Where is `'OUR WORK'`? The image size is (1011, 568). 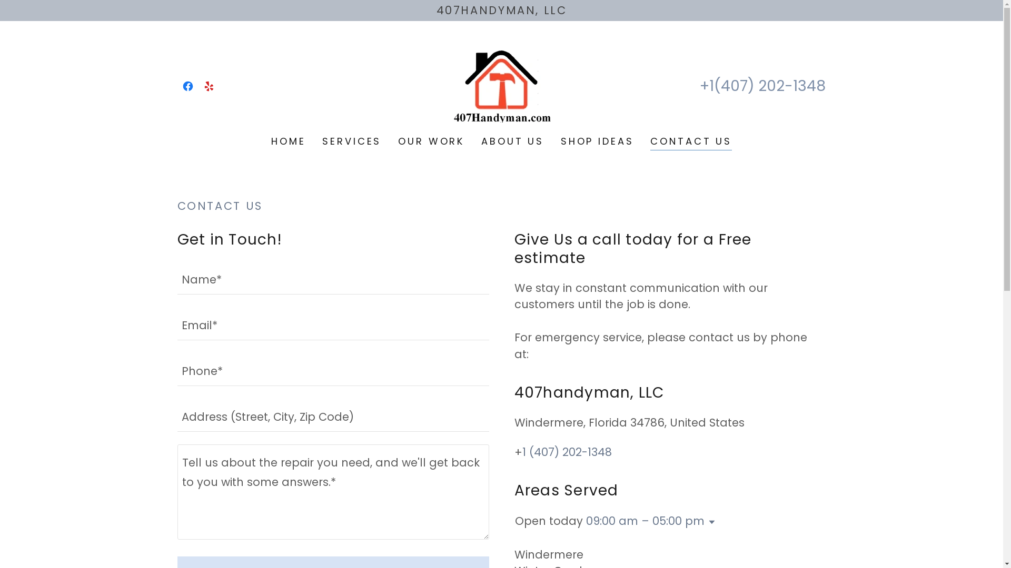 'OUR WORK' is located at coordinates (431, 140).